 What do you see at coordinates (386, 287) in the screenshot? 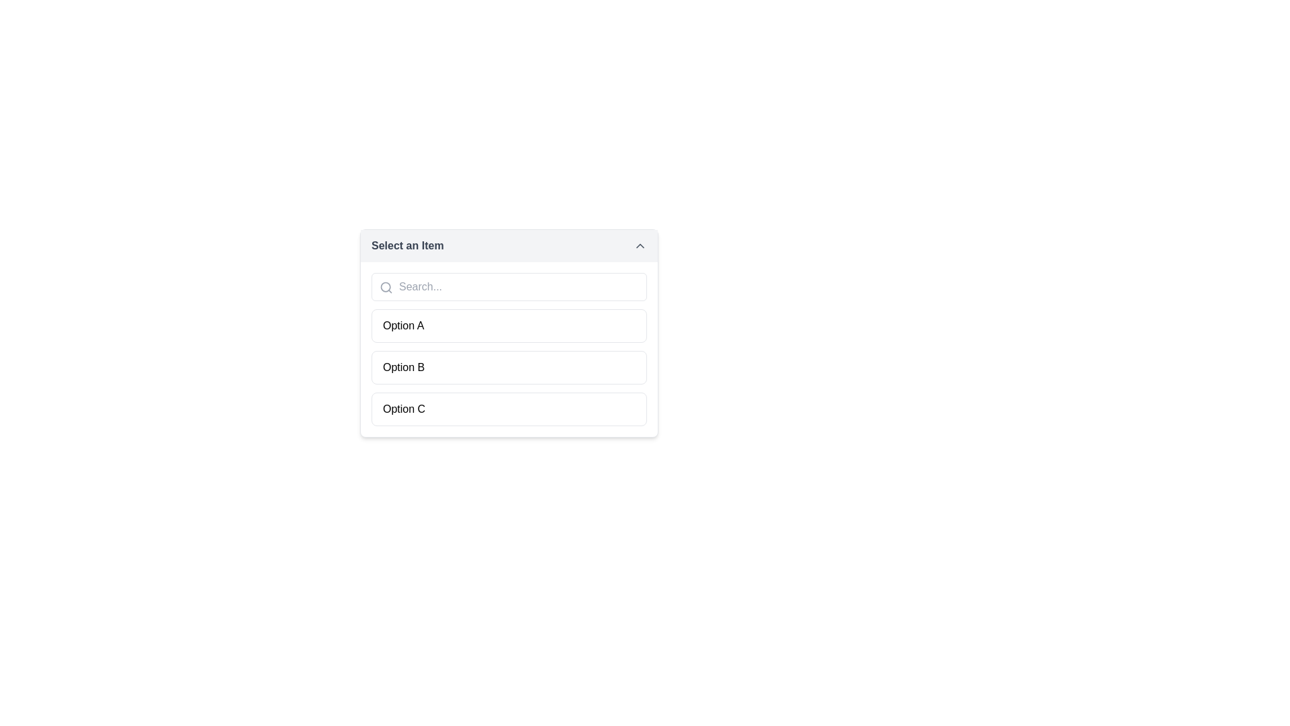
I see `the search icon, which is a gray magnifying glass located at the top-left corner of the search bar input field` at bounding box center [386, 287].